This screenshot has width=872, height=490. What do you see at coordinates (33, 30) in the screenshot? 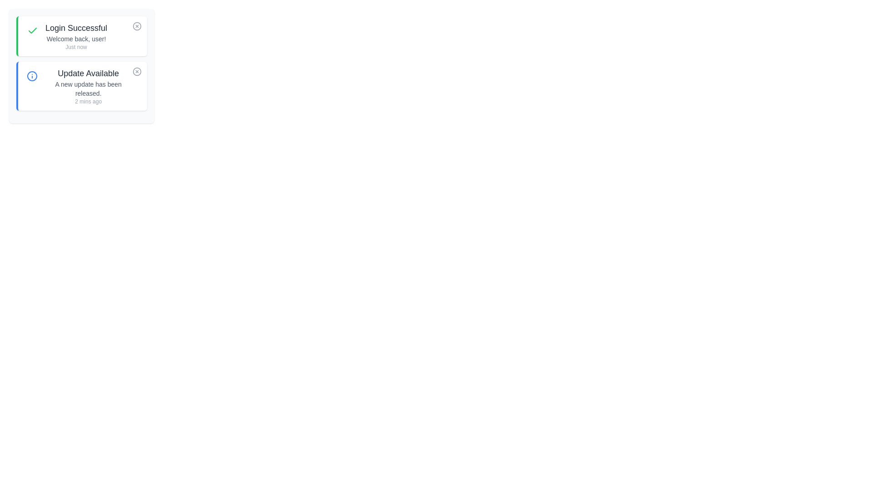
I see `the checkmark icon within the 'Login Successful' card, which is styled with a thin stroke and green coloring, indicating a successful action` at bounding box center [33, 30].